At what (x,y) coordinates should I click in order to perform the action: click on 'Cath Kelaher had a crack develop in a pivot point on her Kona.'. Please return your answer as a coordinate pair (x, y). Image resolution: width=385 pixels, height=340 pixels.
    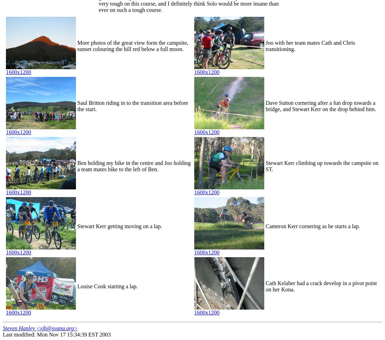
    Looking at the image, I should click on (321, 286).